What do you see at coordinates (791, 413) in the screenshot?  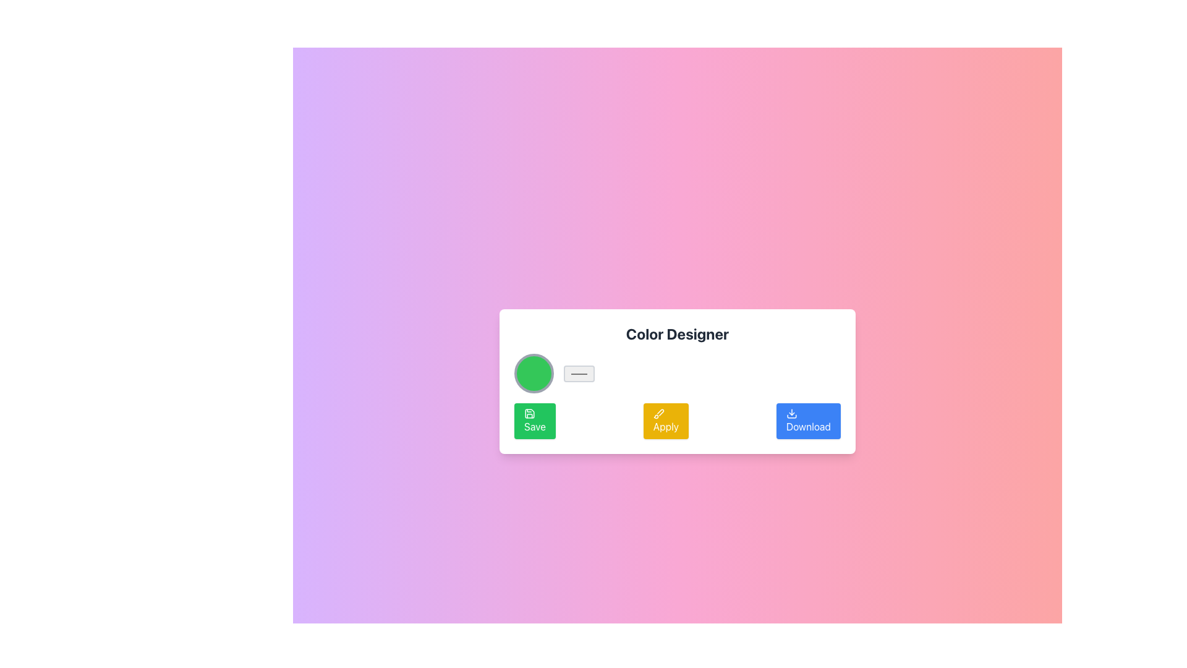 I see `the 'Download' button which features a downward arrow icon, located at the bottom-right of the button group adjacent to 'Save' and 'Apply', to initiate a download` at bounding box center [791, 413].